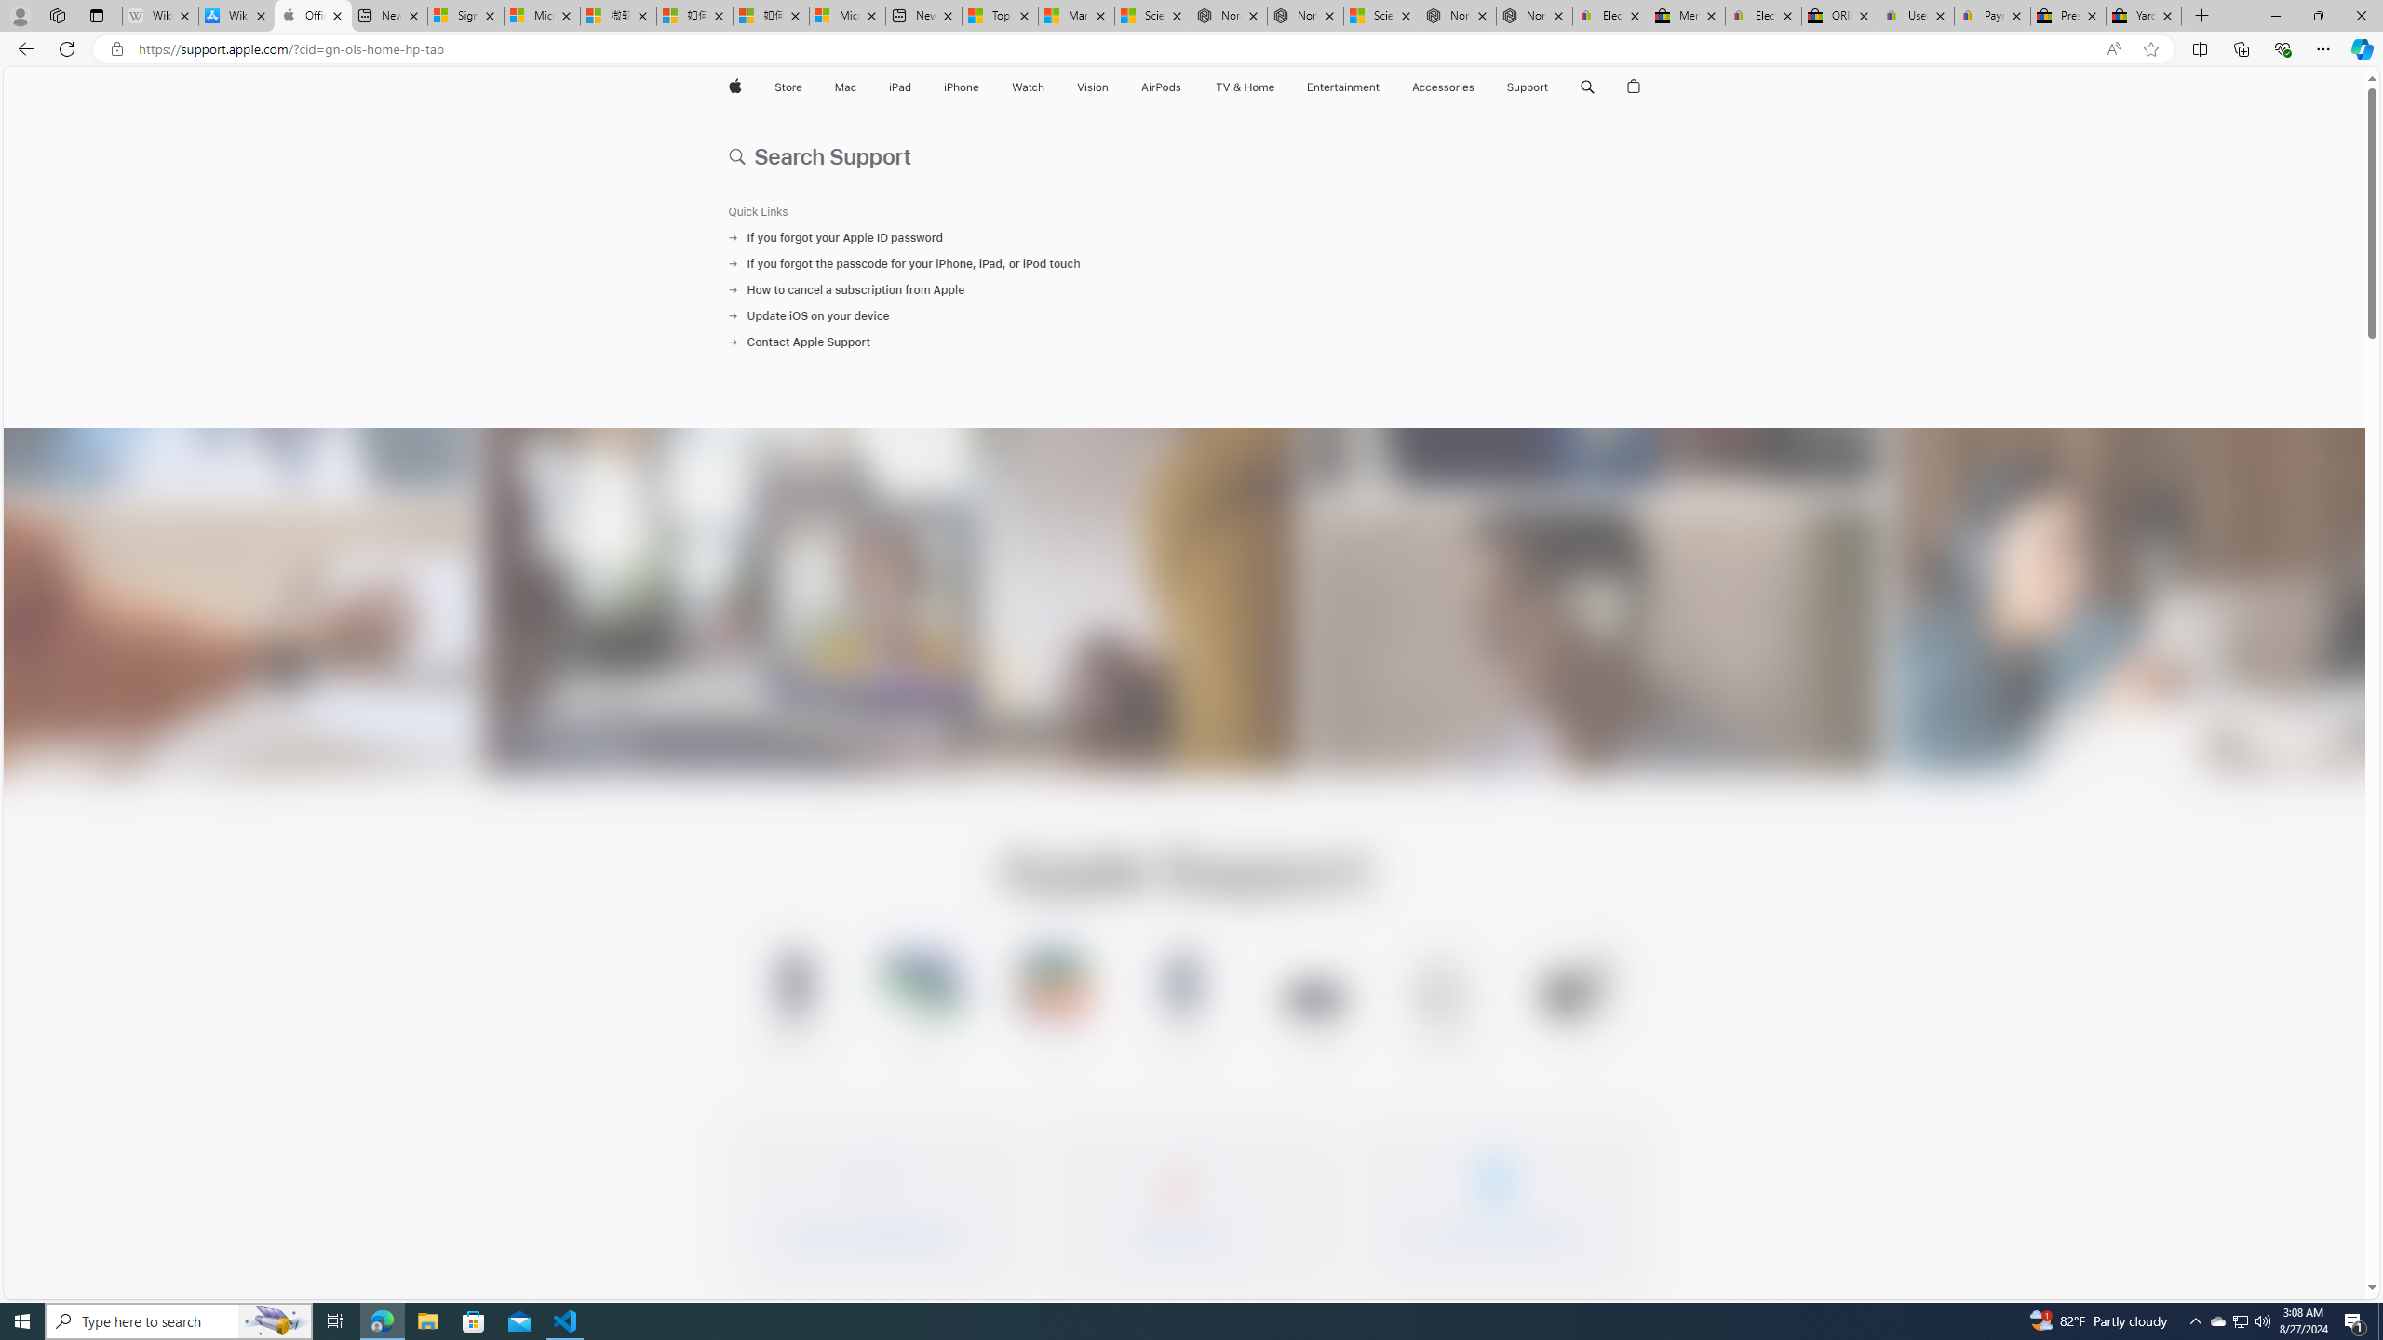 Image resolution: width=2383 pixels, height=1340 pixels. I want to click on 'If you forgot your Apple ID password', so click(1183, 236).